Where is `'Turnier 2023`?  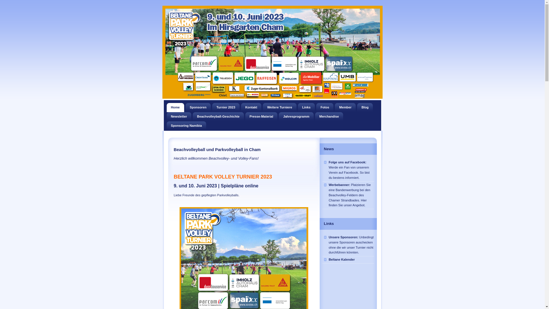 'Turnier 2023 is located at coordinates (212, 107).